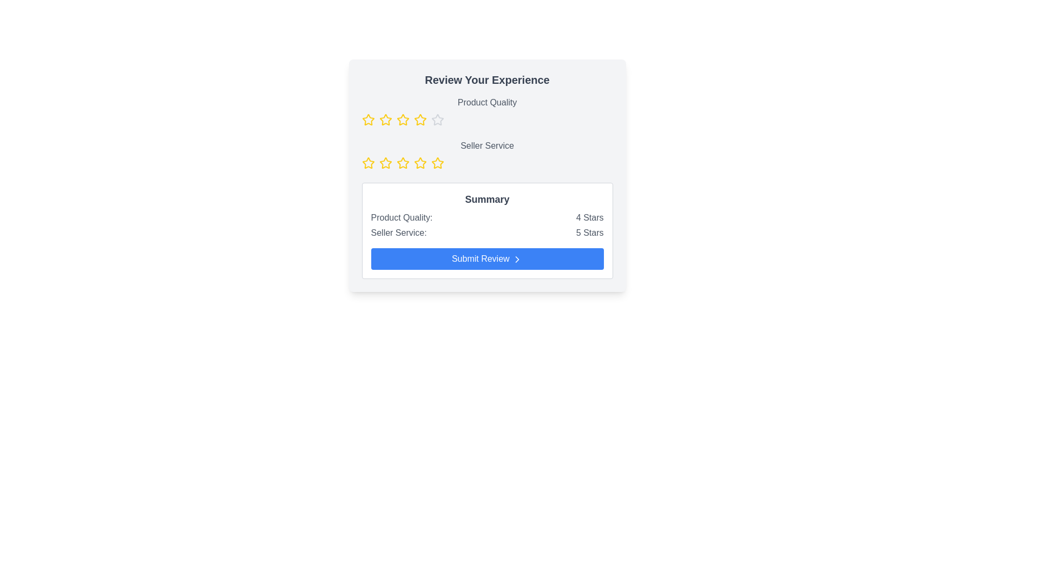 The image size is (1039, 584). What do you see at coordinates (419, 120) in the screenshot?
I see `the fourth star icon in the 'Product Quality' section` at bounding box center [419, 120].